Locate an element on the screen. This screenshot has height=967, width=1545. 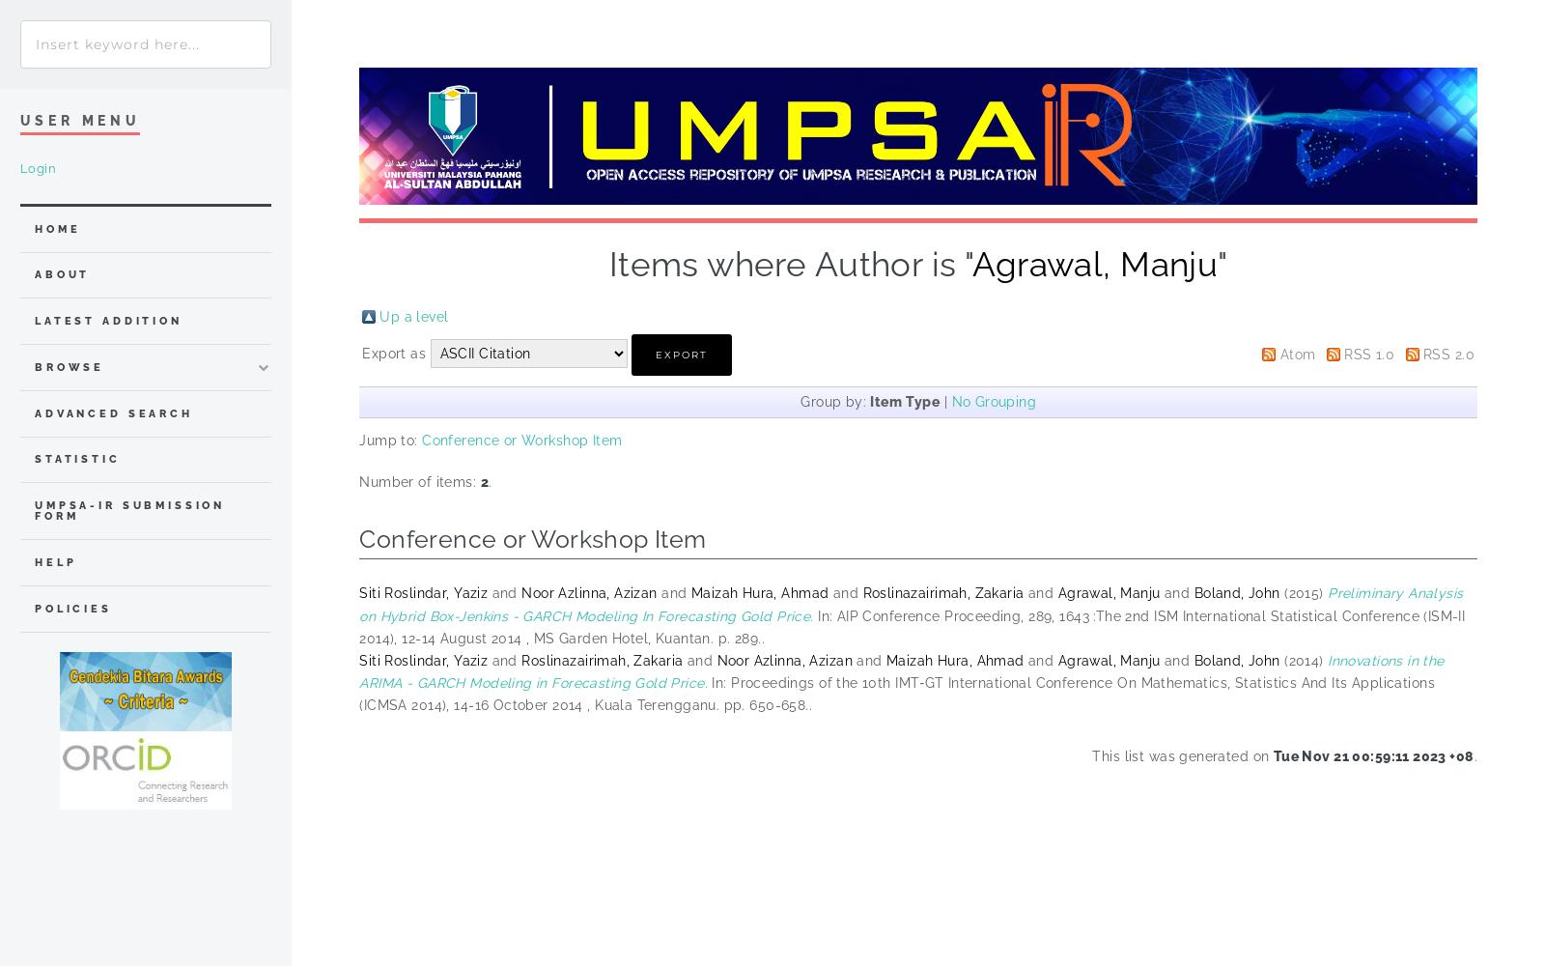
'Atom' is located at coordinates (1296, 352).